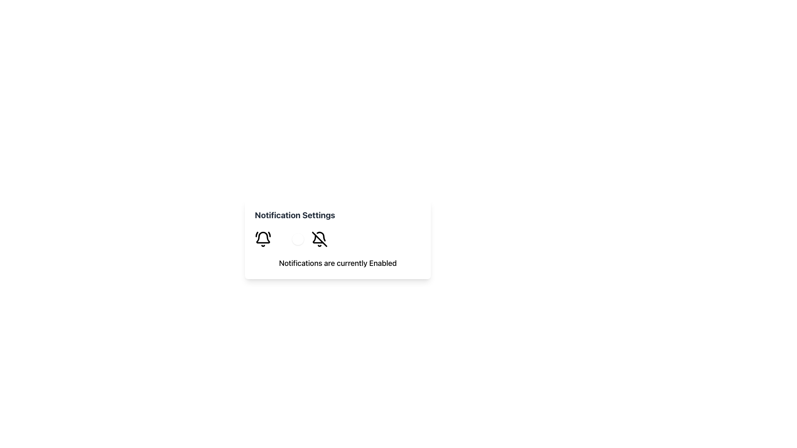  What do you see at coordinates (382, 263) in the screenshot?
I see `the Text Label that displays the current status of notifications, which shows 'Enabled' at the bottom-right part of the notification settings card` at bounding box center [382, 263].